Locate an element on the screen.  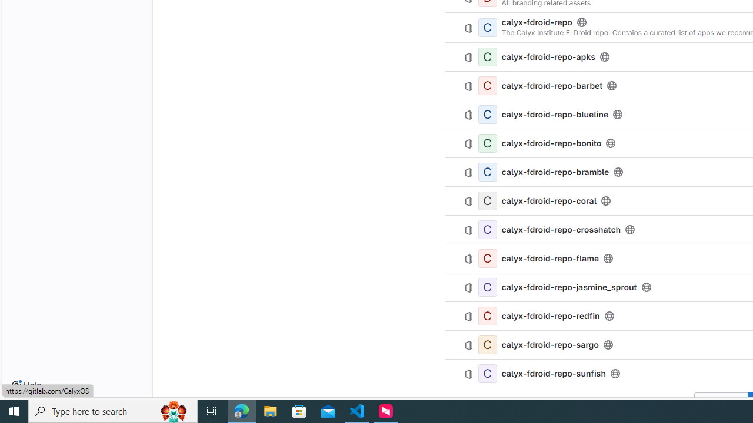
'calyx-fdroid-repo-jasmine_sprout' is located at coordinates (569, 287).